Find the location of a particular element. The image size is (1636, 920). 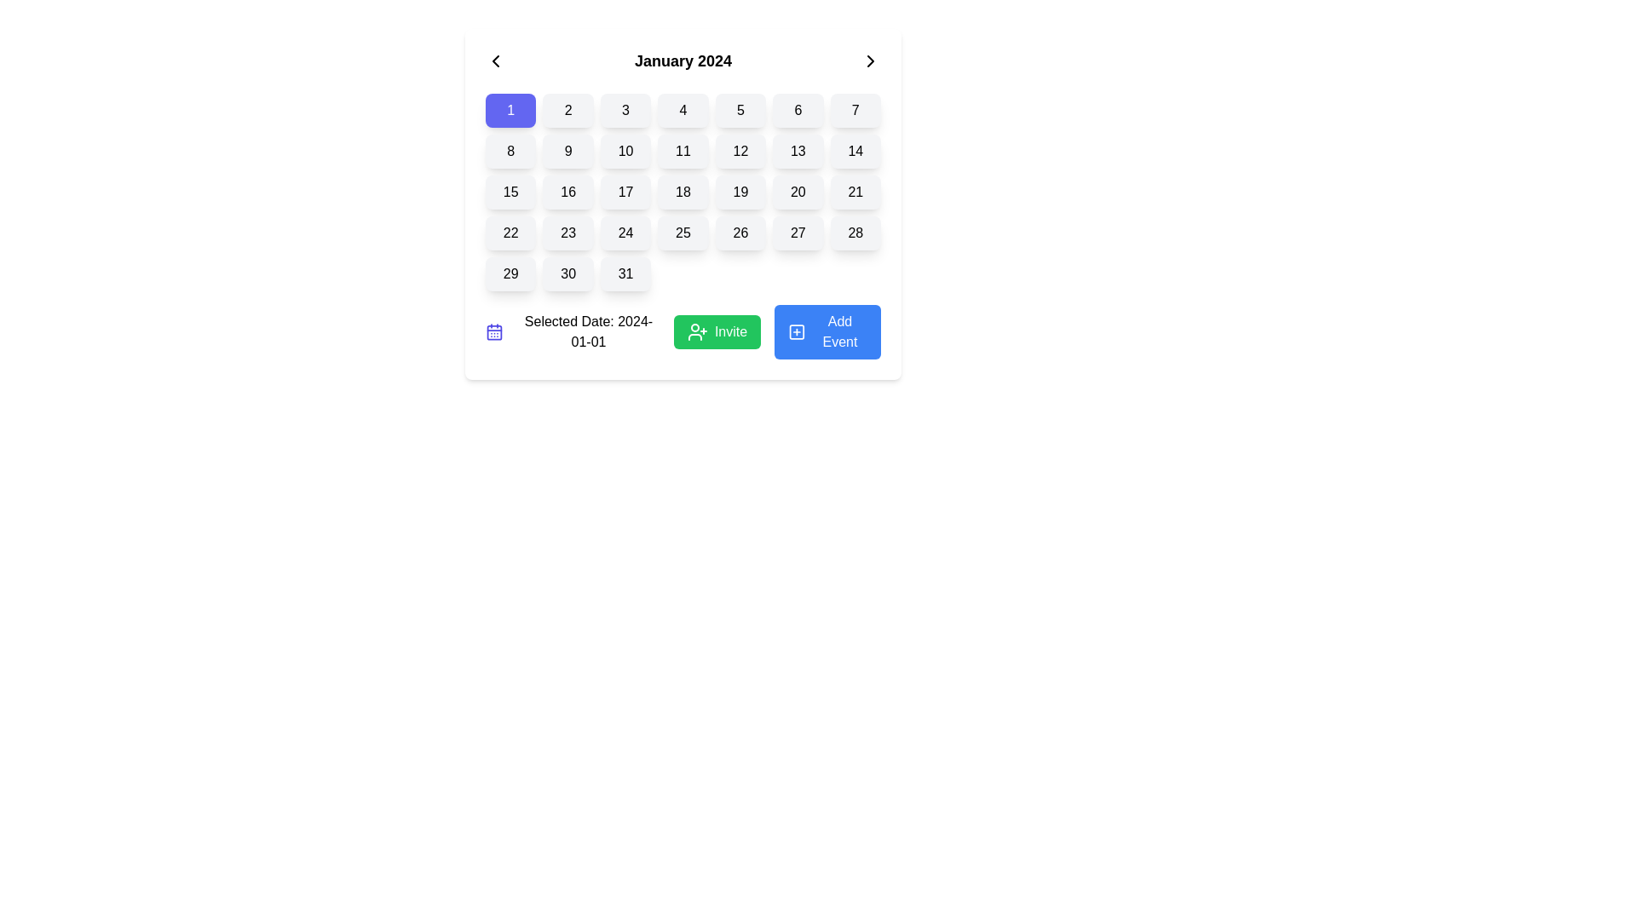

the button labeled '26' in the calendar grid layout is located at coordinates (740, 233).